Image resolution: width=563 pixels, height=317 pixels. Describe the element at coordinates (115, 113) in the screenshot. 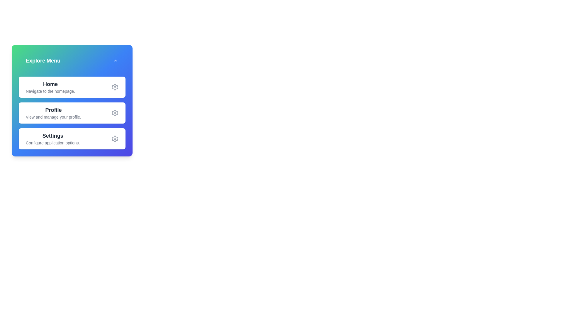

I see `the settings icon for the menu item Profile` at that location.